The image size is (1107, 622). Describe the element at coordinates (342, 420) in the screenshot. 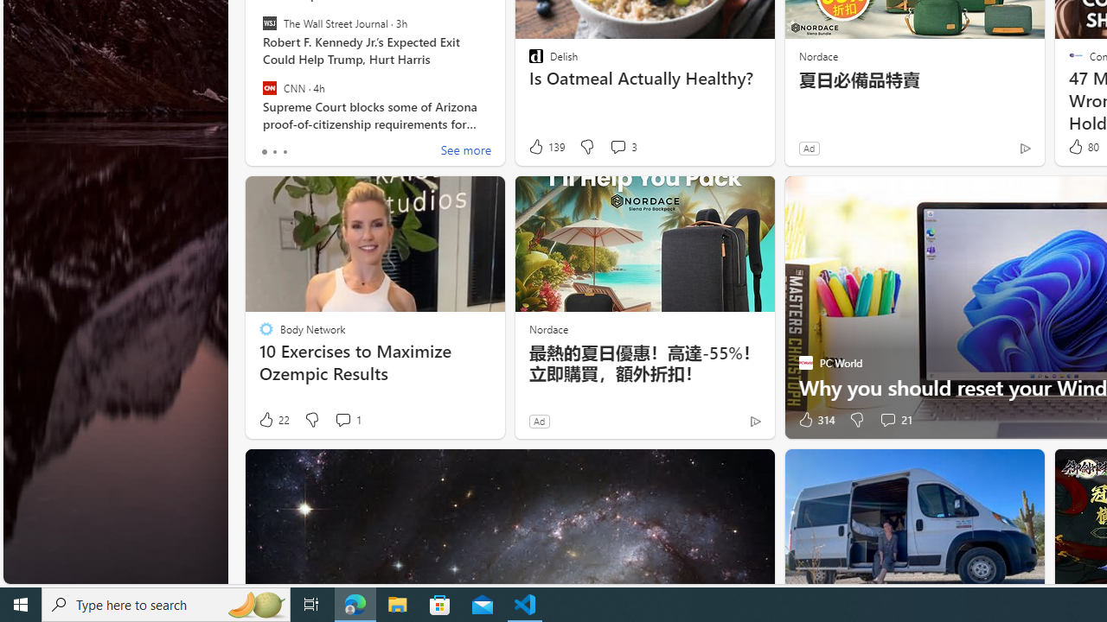

I see `'View comments 1 Comment'` at that location.